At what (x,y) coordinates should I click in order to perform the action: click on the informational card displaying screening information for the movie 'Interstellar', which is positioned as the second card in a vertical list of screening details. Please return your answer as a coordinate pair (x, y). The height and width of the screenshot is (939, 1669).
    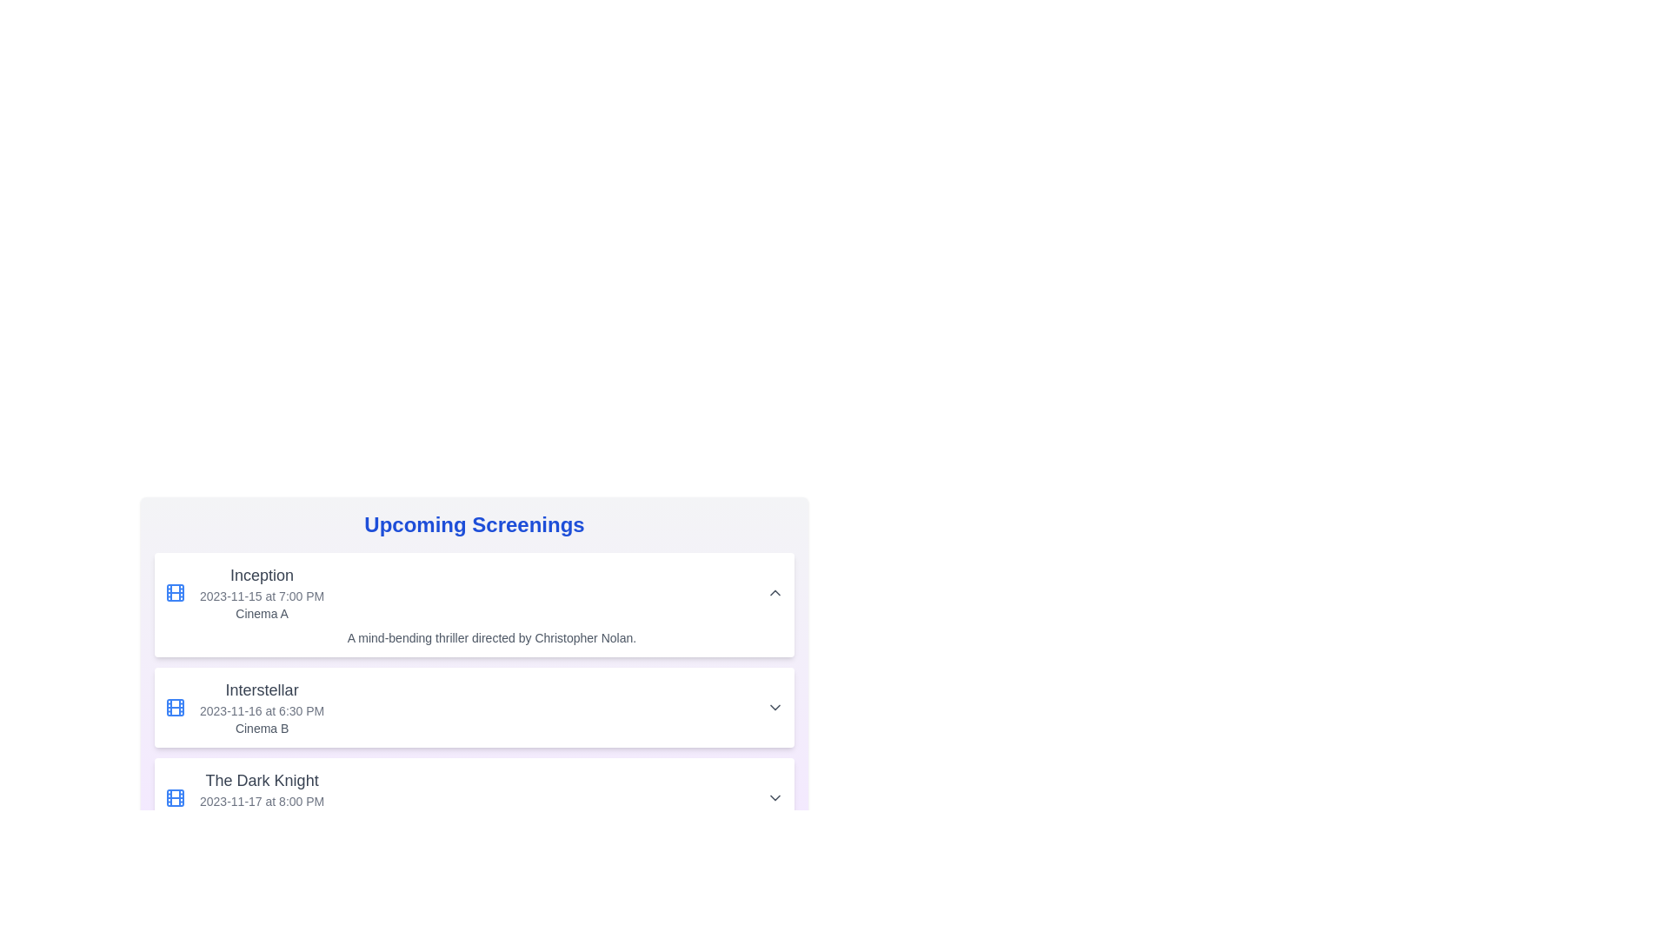
    Looking at the image, I should click on (475, 673).